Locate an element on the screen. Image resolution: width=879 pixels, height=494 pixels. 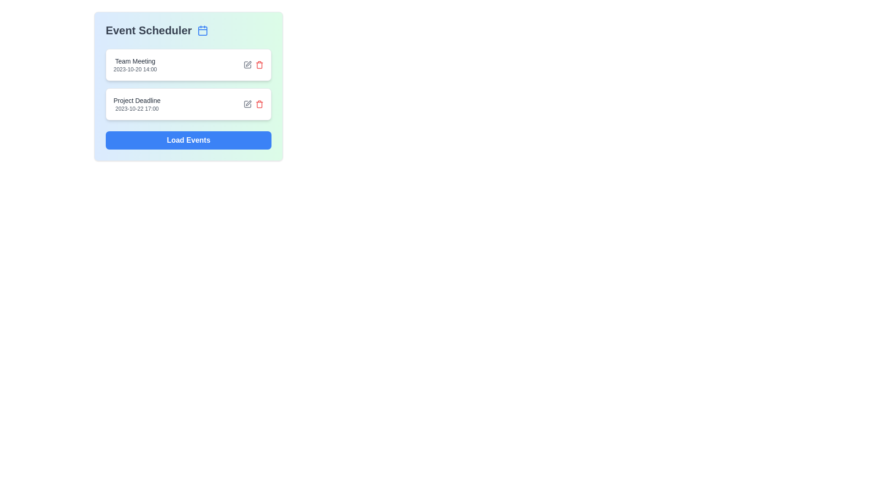
the displayed date and time on the Text Label showing '2023-10-22 17:00', which is below the 'Project Deadline' text is located at coordinates (136, 108).